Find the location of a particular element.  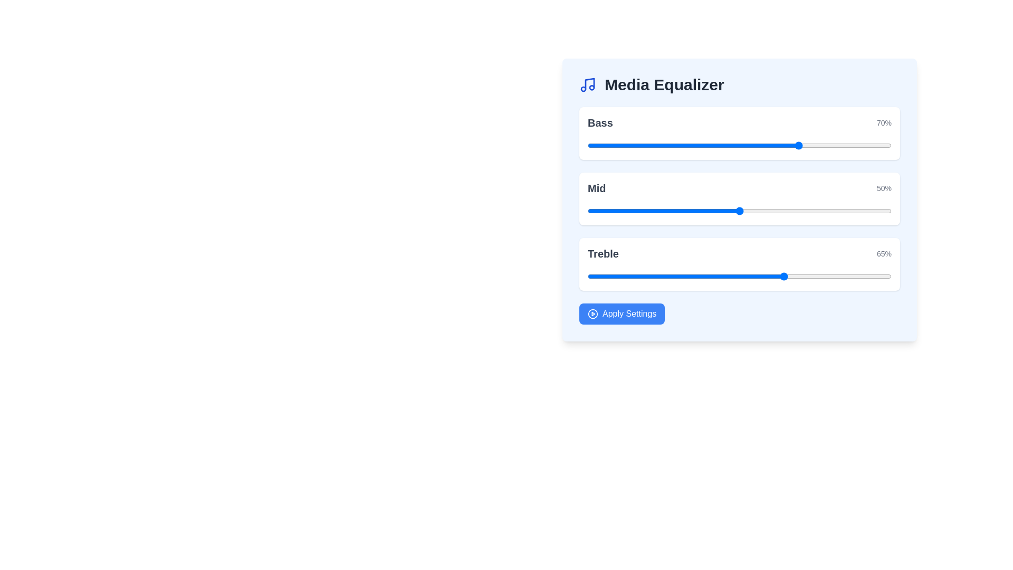

treble is located at coordinates (657, 276).